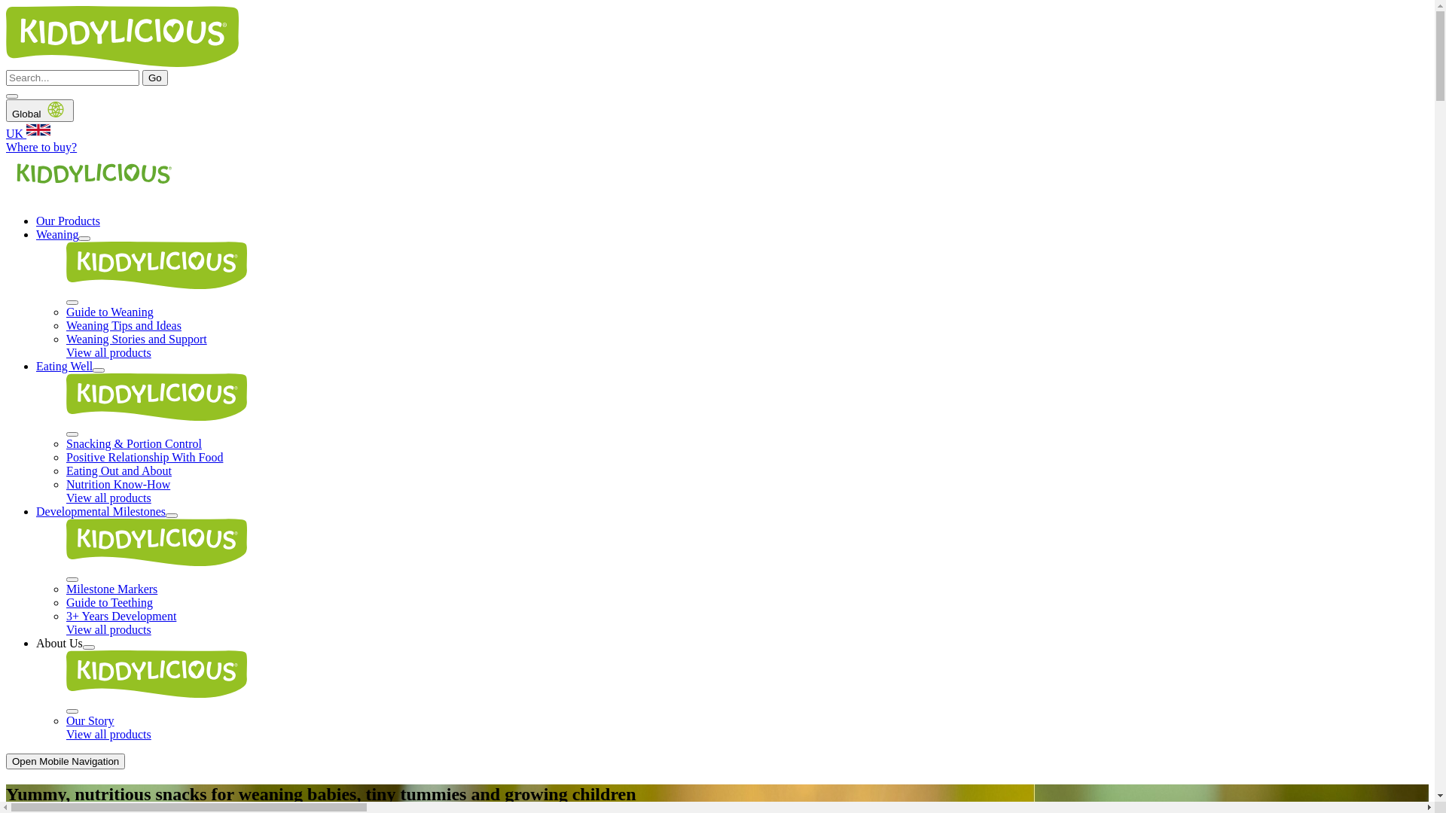 Image resolution: width=1446 pixels, height=813 pixels. I want to click on 'Open Mobile Navigation', so click(64, 761).